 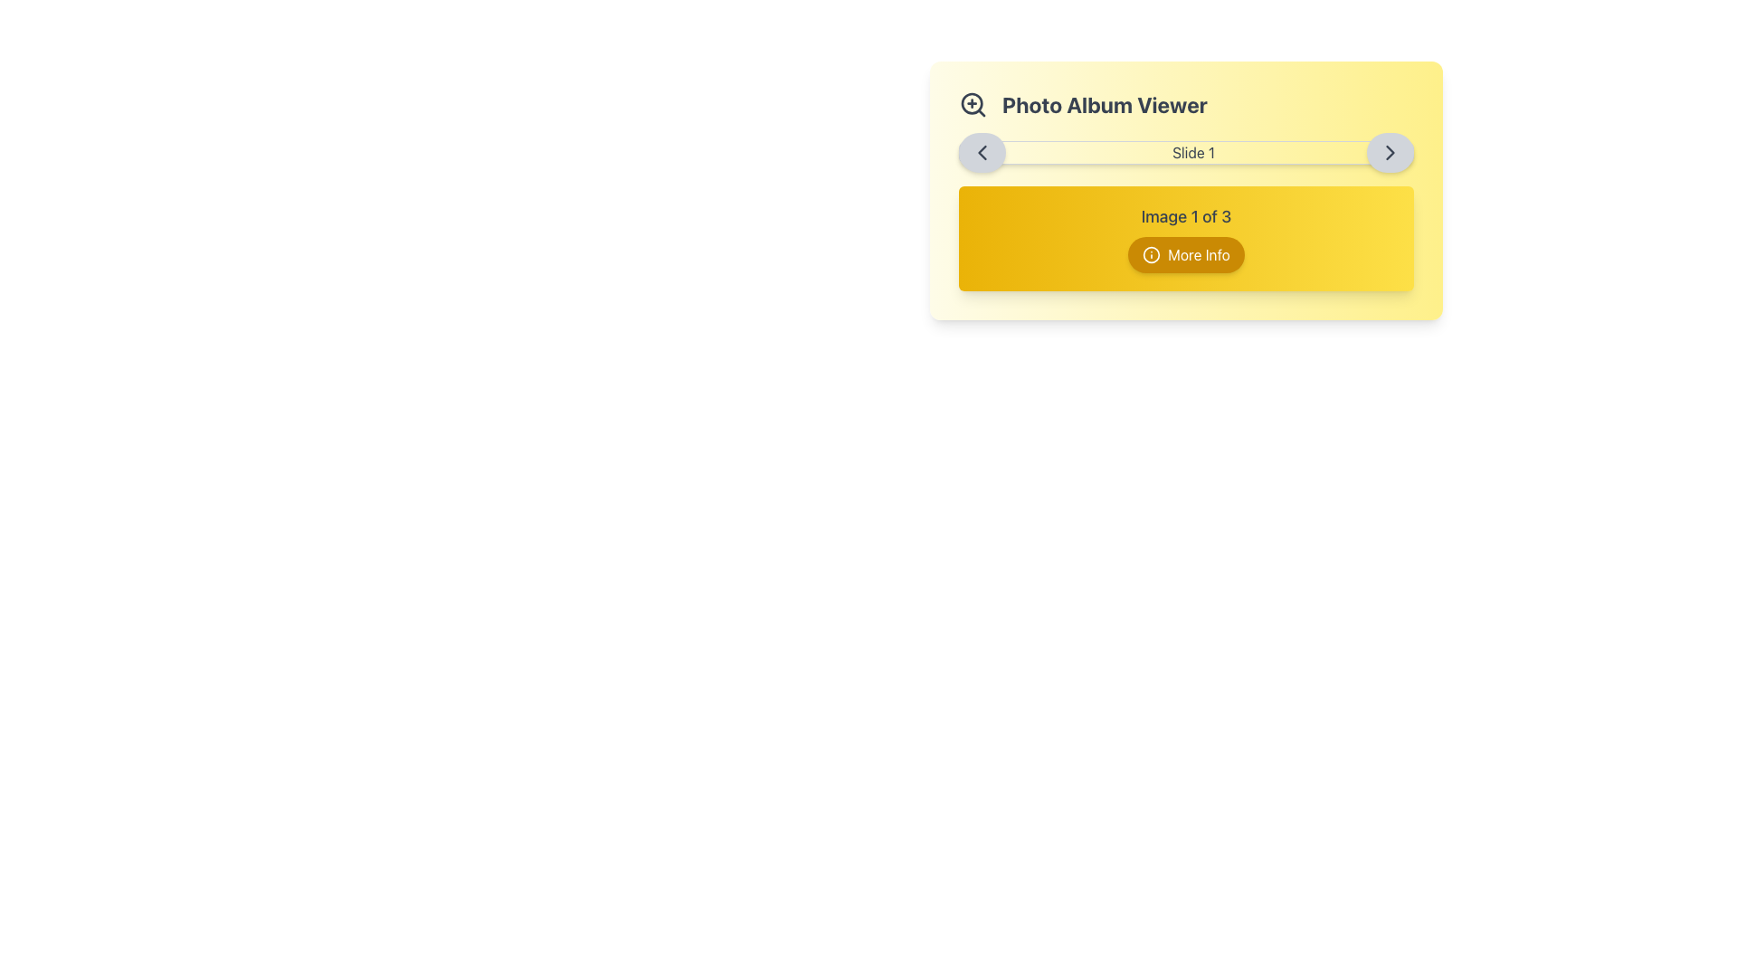 What do you see at coordinates (1389, 152) in the screenshot?
I see `the chevron icon used for navigating to the next slide in the photo album viewer` at bounding box center [1389, 152].